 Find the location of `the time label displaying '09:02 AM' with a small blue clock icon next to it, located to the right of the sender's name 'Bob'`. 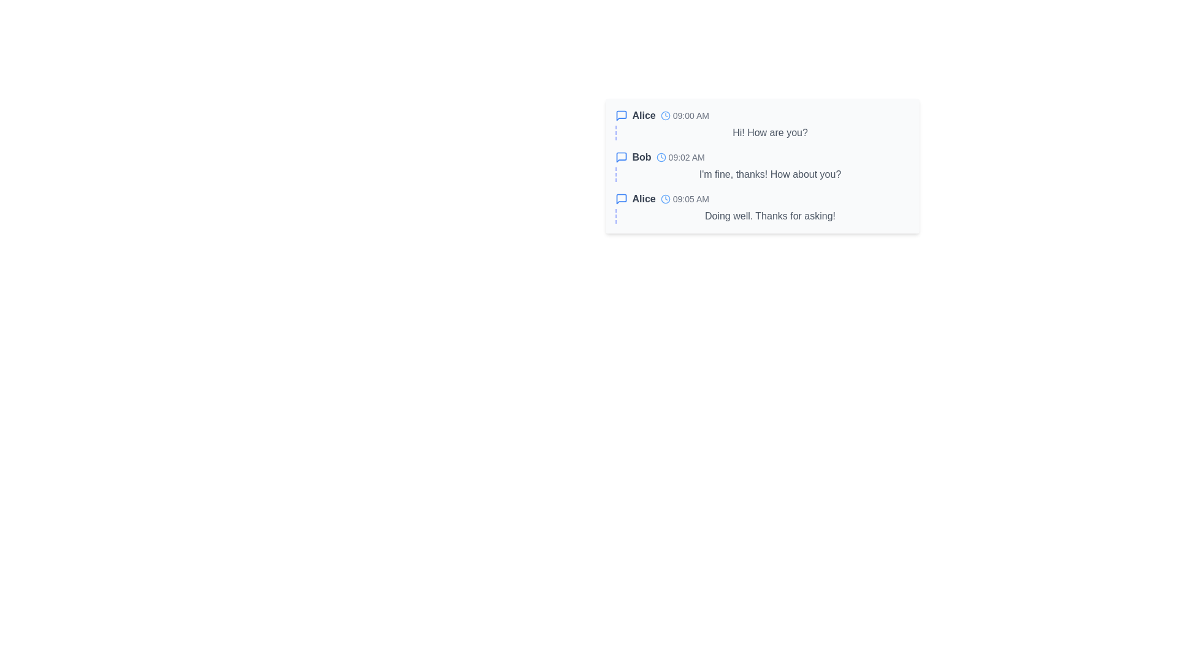

the time label displaying '09:02 AM' with a small blue clock icon next to it, located to the right of the sender's name 'Bob' is located at coordinates (680, 157).